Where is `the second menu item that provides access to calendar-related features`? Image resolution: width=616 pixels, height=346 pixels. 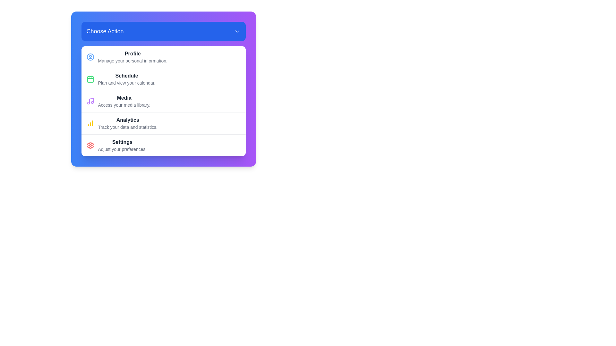
the second menu item that provides access to calendar-related features is located at coordinates (163, 78).